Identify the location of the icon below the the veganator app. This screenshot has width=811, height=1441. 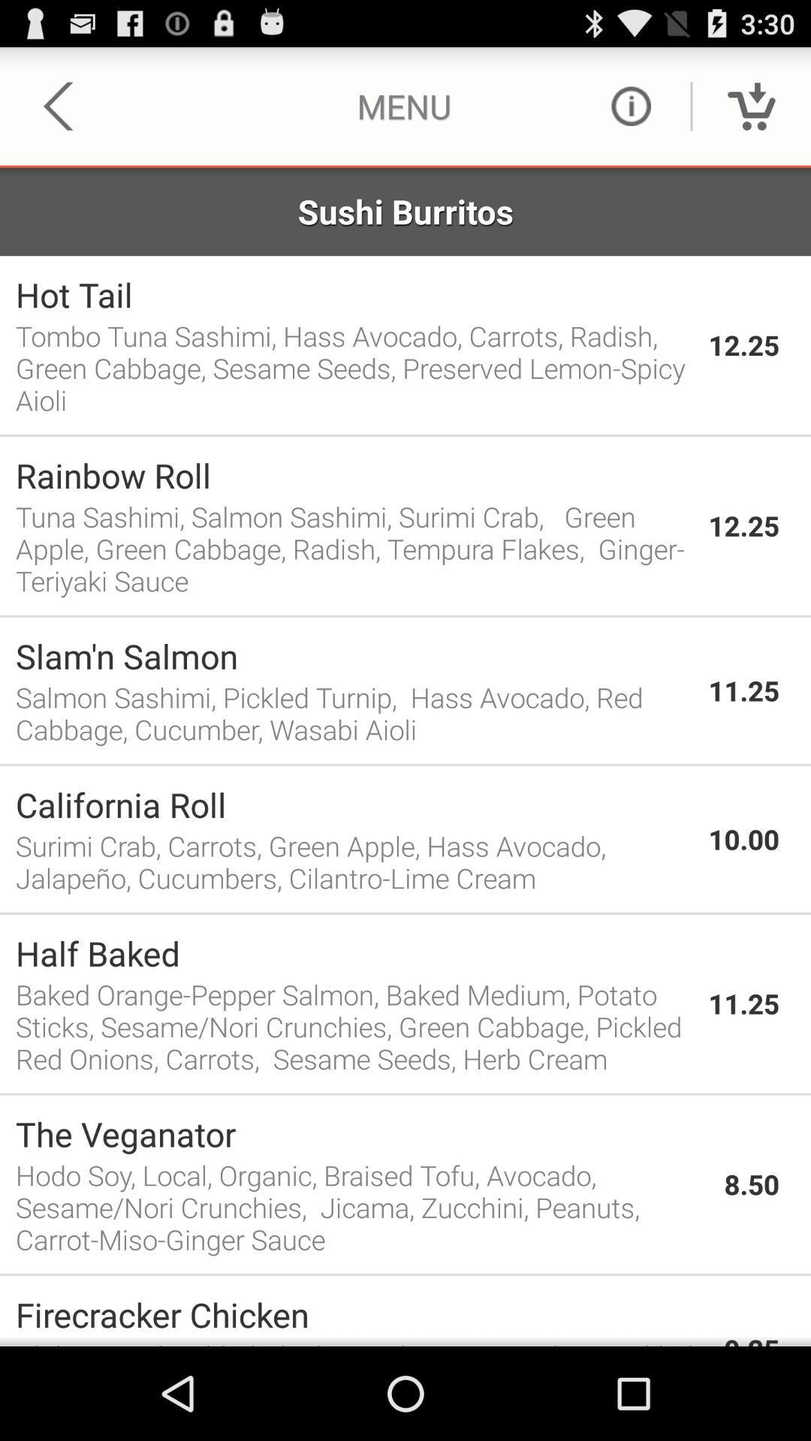
(362, 1207).